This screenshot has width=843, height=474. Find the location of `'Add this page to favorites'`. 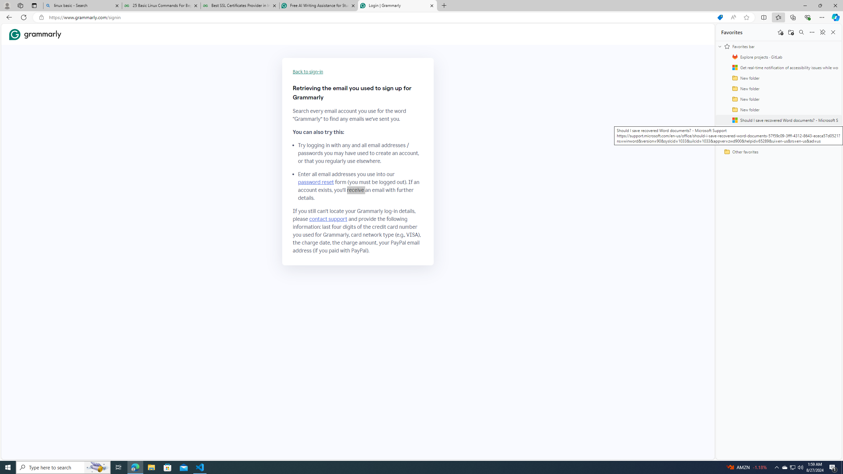

'Add this page to favorites' is located at coordinates (780, 32).